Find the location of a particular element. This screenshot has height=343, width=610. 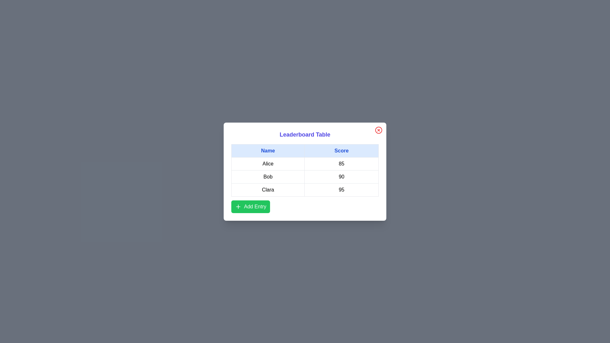

the text in the cell containing Bob is located at coordinates (268, 177).